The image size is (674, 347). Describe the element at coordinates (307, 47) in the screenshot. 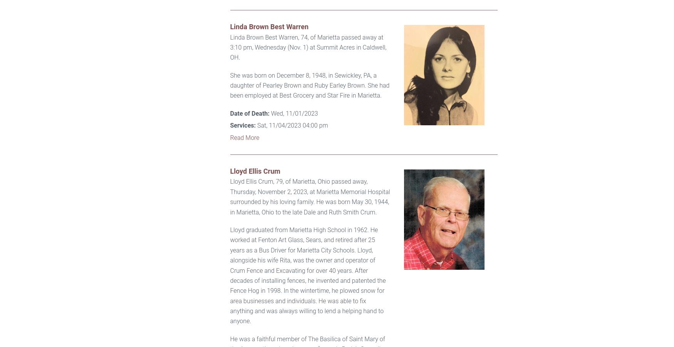

I see `'Linda Brown Best Warren, 74, of Marietta passed away at 3:10 pm, Wednesday (Nov. 1) at Summit Acres in Caldwell, OH.'` at that location.